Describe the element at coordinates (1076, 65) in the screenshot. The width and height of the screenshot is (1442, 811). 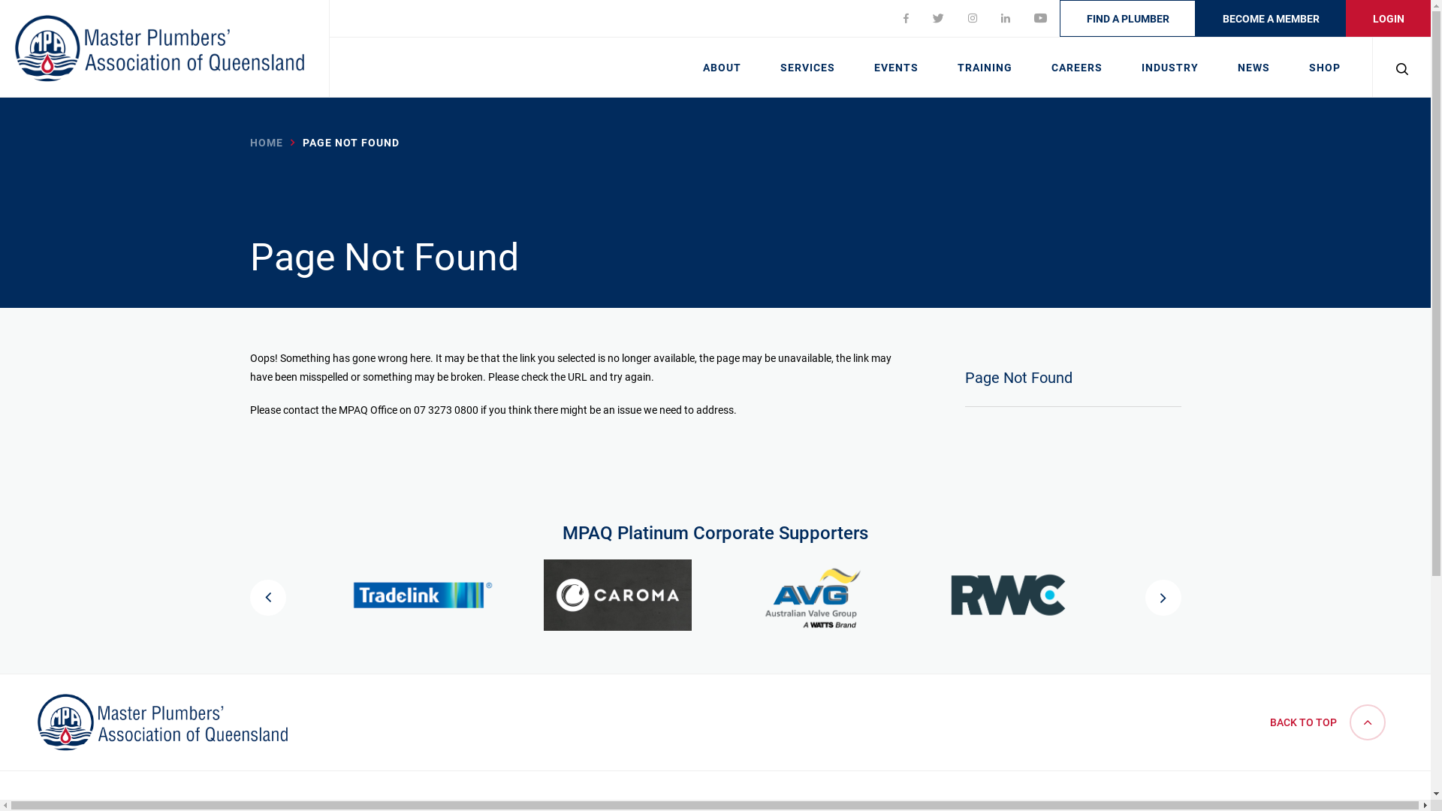
I see `'CAREERS'` at that location.